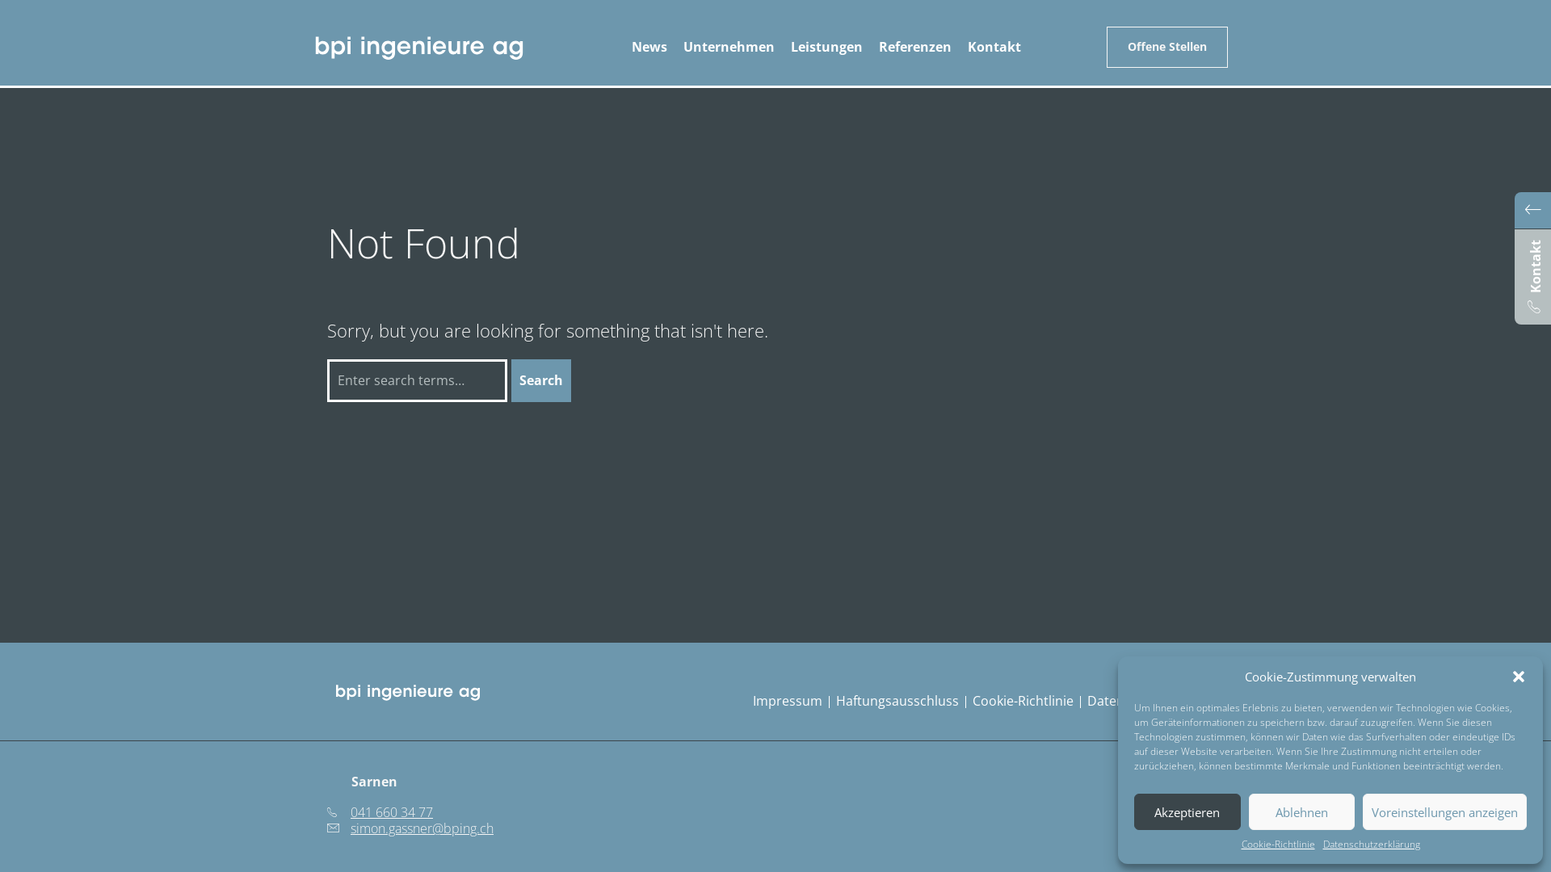 The width and height of the screenshot is (1551, 872). What do you see at coordinates (787, 699) in the screenshot?
I see `'Impressum'` at bounding box center [787, 699].